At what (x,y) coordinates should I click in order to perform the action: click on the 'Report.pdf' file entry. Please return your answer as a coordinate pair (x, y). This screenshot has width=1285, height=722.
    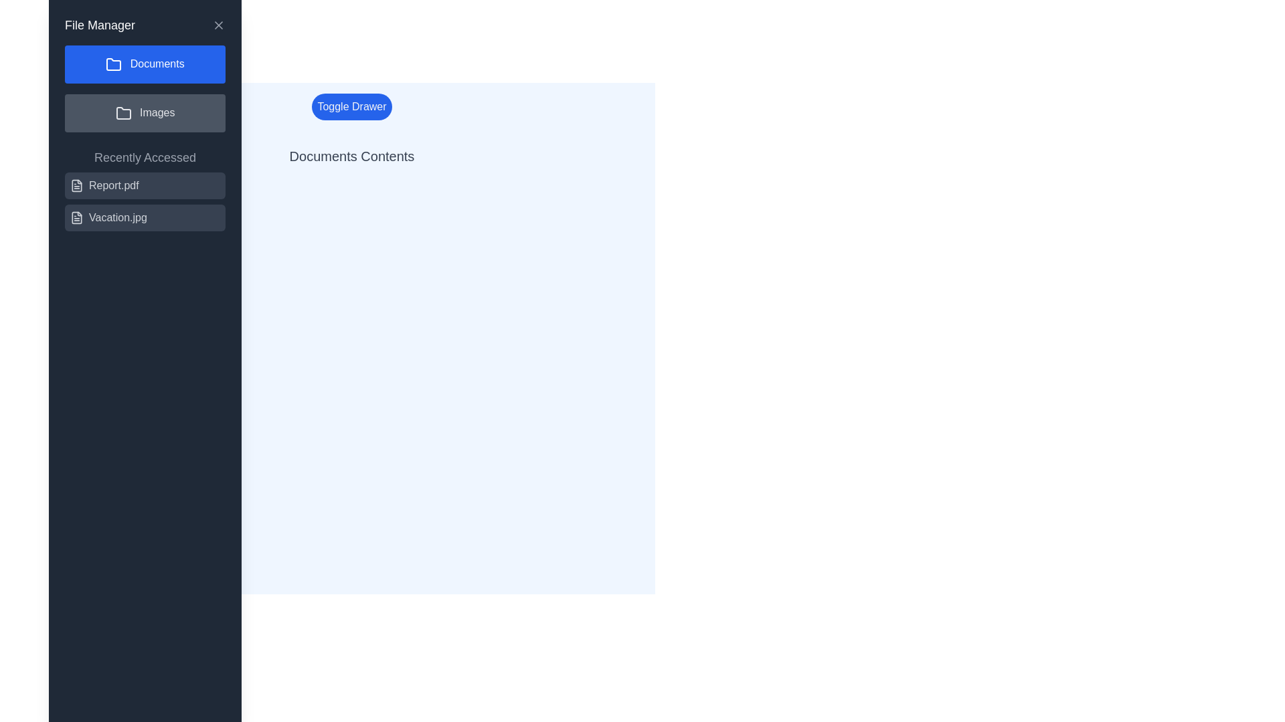
    Looking at the image, I should click on (145, 185).